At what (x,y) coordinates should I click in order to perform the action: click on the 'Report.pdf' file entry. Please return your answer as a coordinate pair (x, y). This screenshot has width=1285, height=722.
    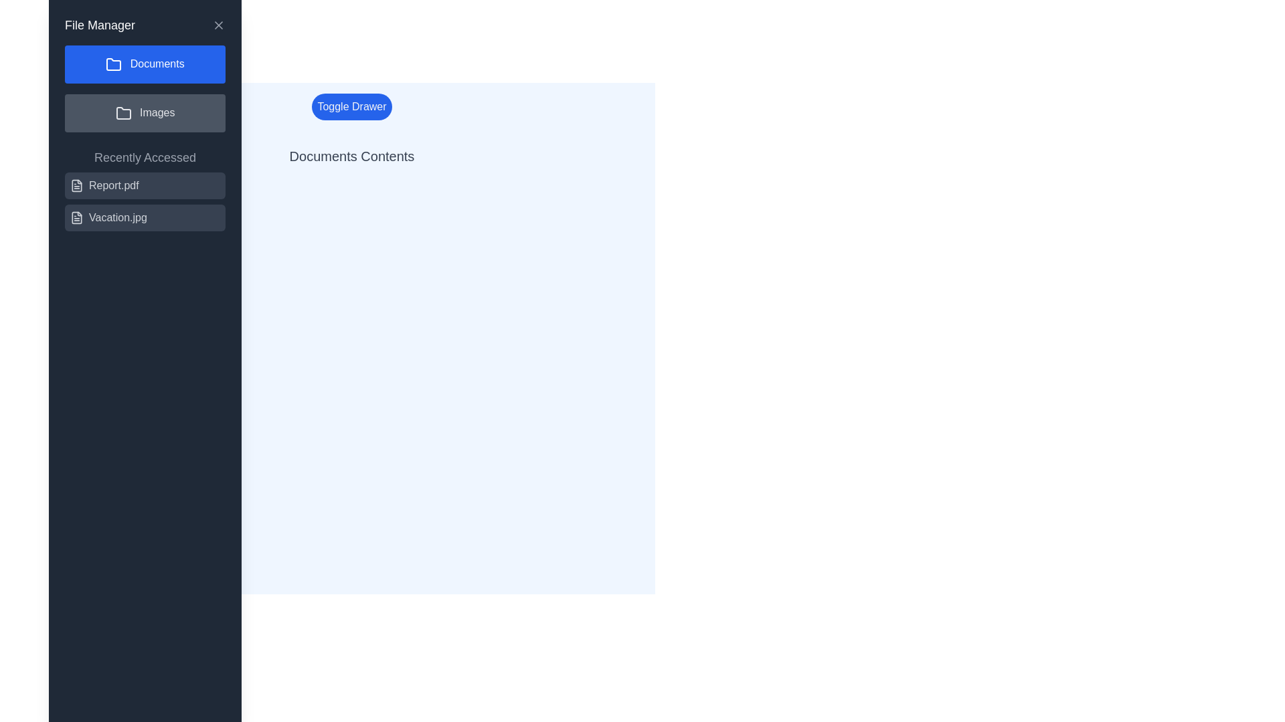
    Looking at the image, I should click on (145, 185).